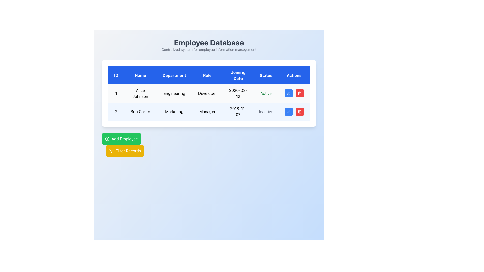 This screenshot has width=484, height=272. I want to click on the 'Joining Date' table header, which is the fifth column in the Employee Database table, displayed in white text on a blue background, so click(238, 75).